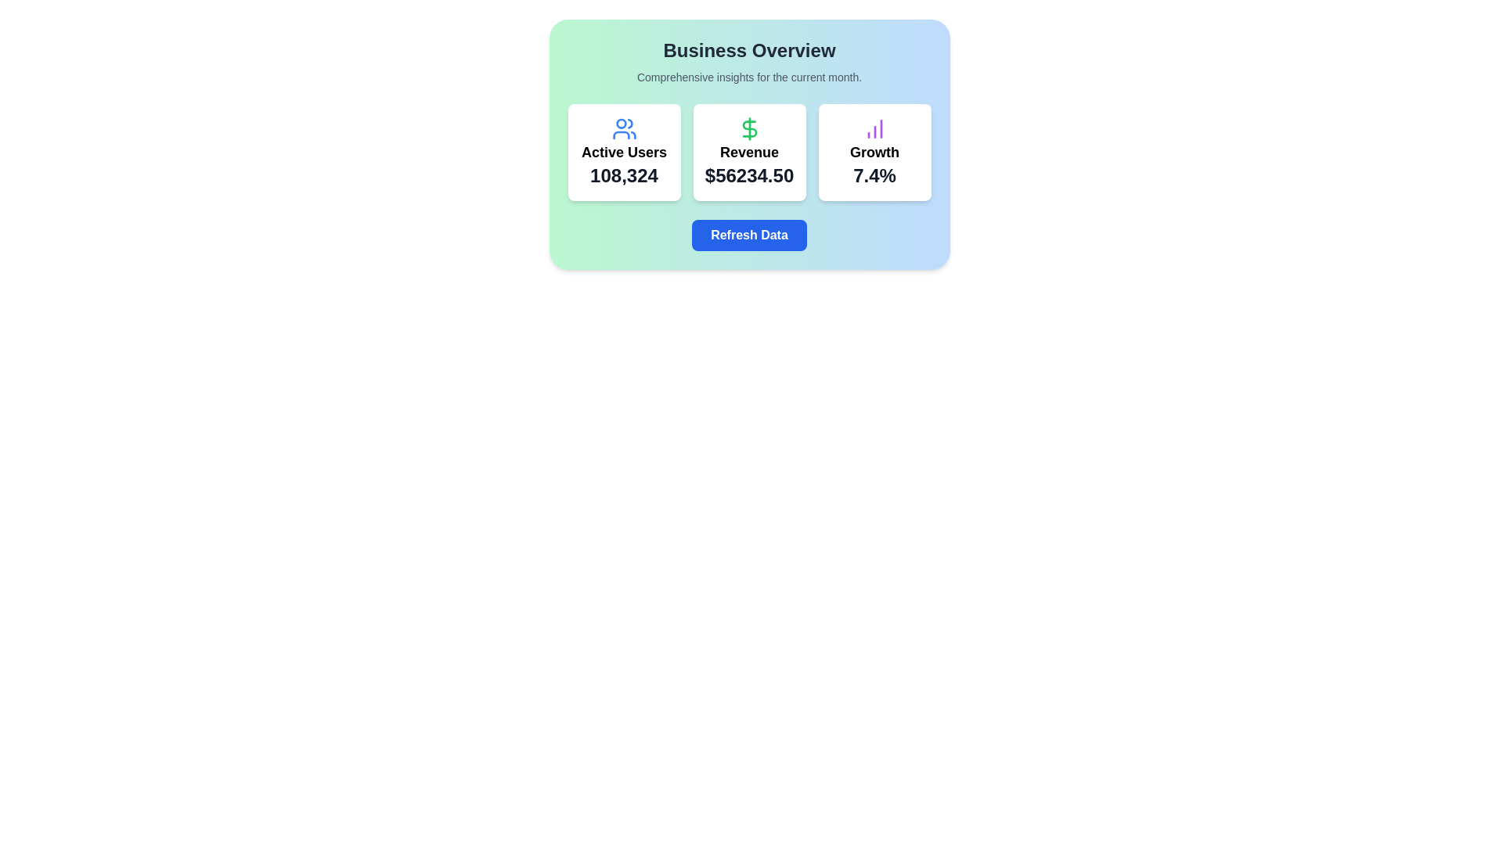 Image resolution: width=1503 pixels, height=845 pixels. Describe the element at coordinates (620, 123) in the screenshot. I see `the small circular vector graphic element located in the top left segment of the statistics dashboard` at that location.